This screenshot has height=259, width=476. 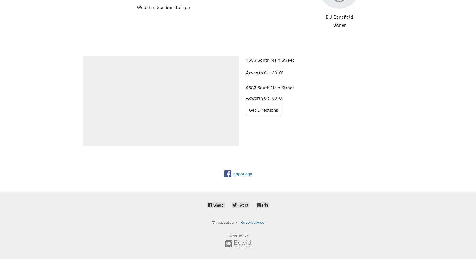 I want to click on 'Wed thru Sun 9am to 5 pm', so click(x=137, y=7).